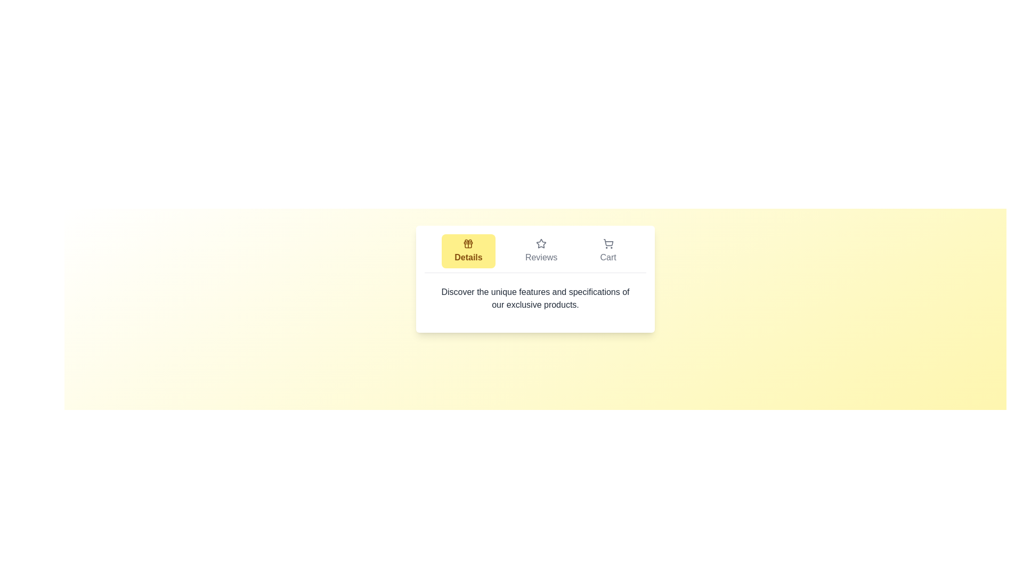 The width and height of the screenshot is (1023, 575). Describe the element at coordinates (608, 251) in the screenshot. I see `the Cart tab by clicking on it` at that location.